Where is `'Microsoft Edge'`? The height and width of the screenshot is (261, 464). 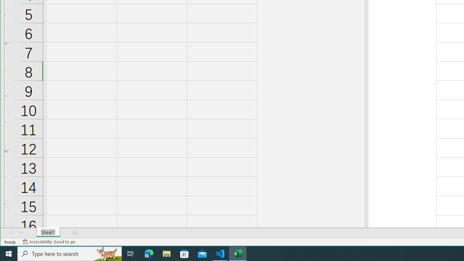 'Microsoft Edge' is located at coordinates (149, 253).